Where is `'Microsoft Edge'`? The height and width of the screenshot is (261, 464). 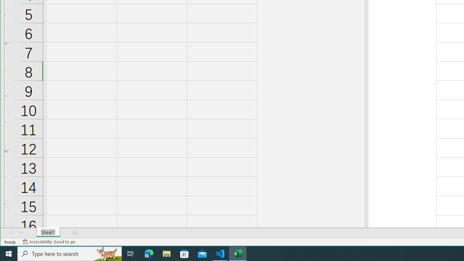 'Microsoft Edge' is located at coordinates (149, 253).